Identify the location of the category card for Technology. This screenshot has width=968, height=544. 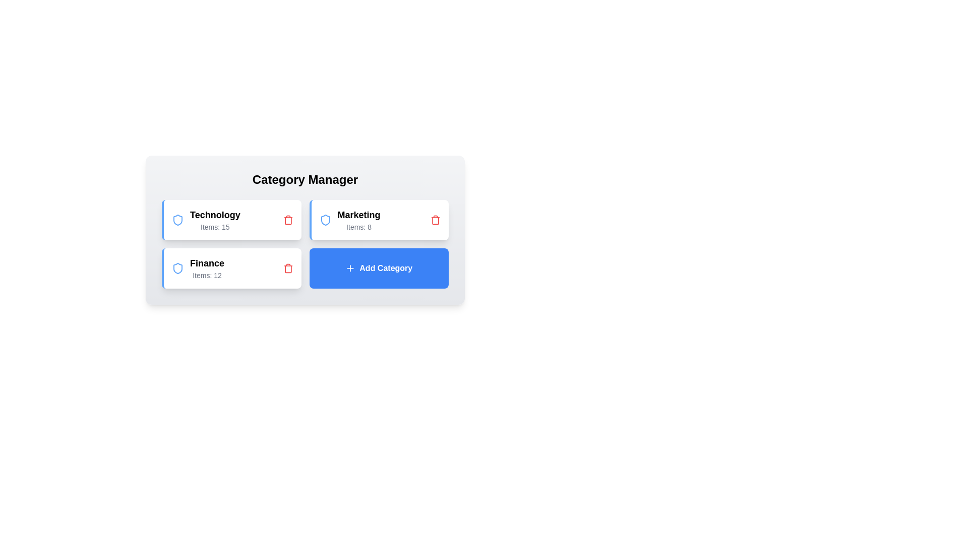
(231, 219).